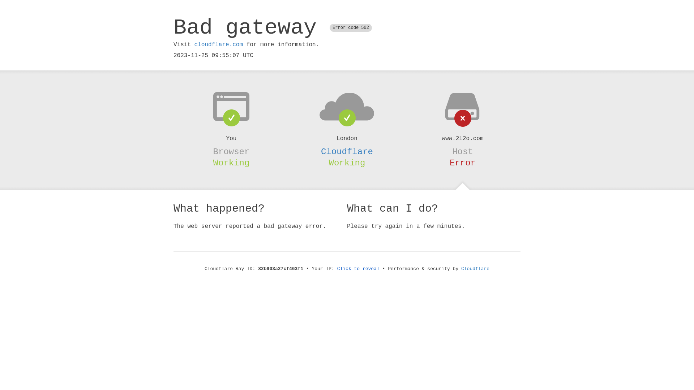  Describe the element at coordinates (358, 269) in the screenshot. I see `'Click to reveal'` at that location.